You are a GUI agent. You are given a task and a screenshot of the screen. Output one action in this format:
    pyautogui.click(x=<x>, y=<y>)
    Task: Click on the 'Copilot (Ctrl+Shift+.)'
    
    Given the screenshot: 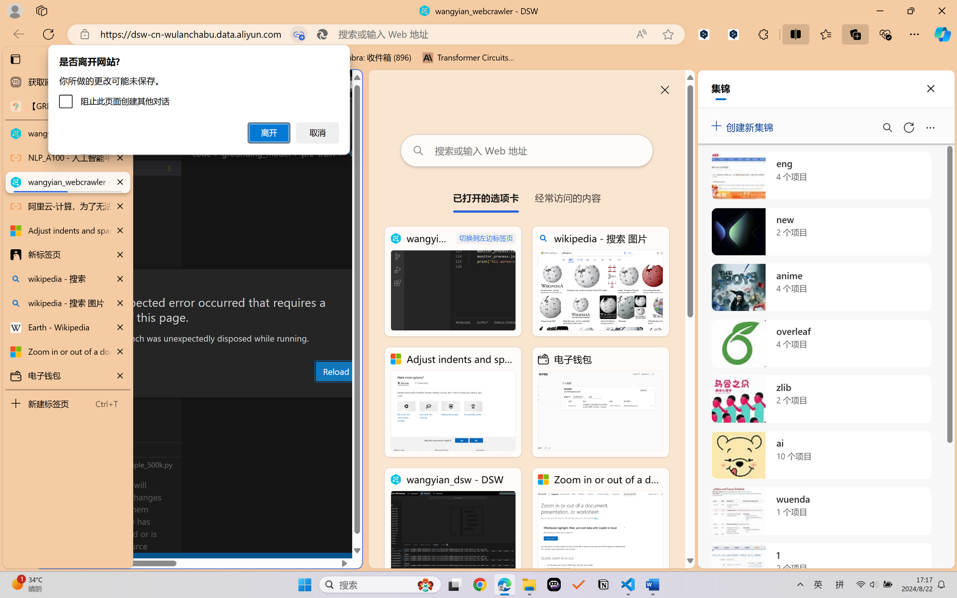 What is the action you would take?
    pyautogui.click(x=942, y=34)
    